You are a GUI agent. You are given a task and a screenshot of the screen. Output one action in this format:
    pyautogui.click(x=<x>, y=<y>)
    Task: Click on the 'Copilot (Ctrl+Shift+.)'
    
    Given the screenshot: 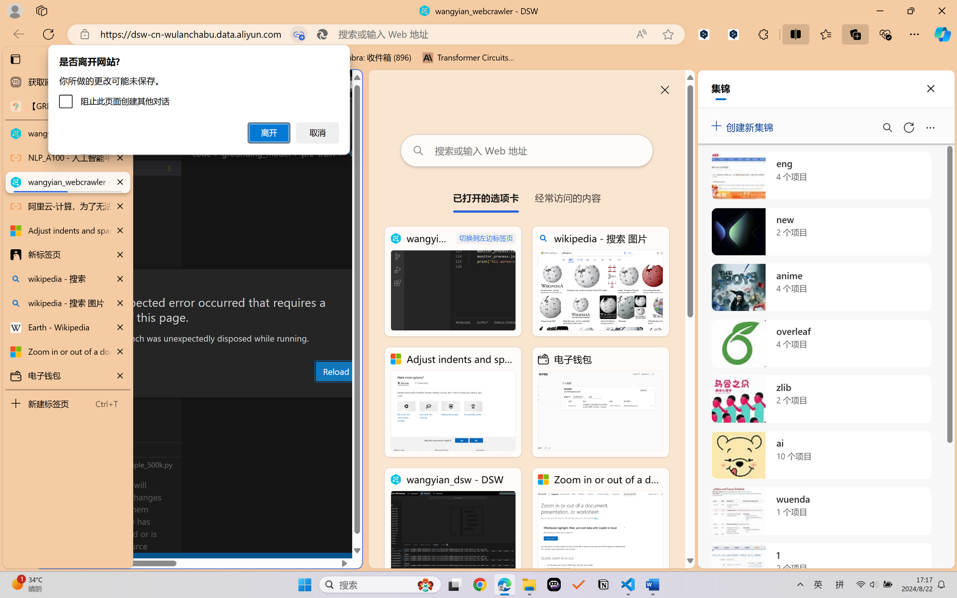 What is the action you would take?
    pyautogui.click(x=942, y=34)
    